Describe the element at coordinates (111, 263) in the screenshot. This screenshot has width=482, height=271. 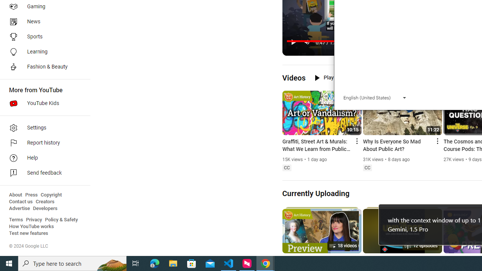
I see `'Search highlights icon opens search home window'` at that location.